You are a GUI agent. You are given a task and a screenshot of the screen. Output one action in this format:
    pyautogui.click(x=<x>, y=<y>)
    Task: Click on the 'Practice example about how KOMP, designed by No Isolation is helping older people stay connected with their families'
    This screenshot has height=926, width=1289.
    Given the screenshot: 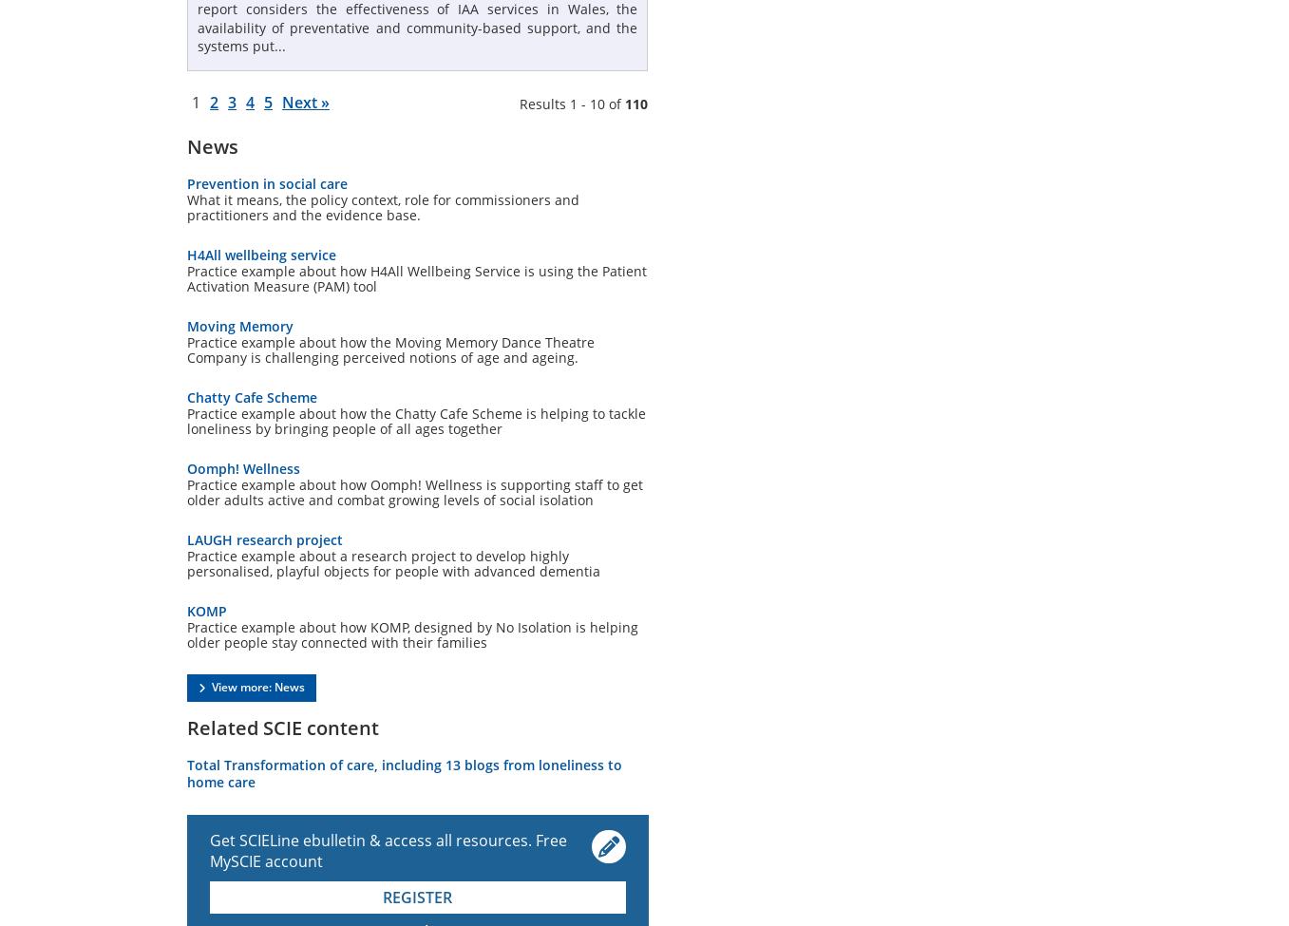 What is the action you would take?
    pyautogui.click(x=187, y=633)
    